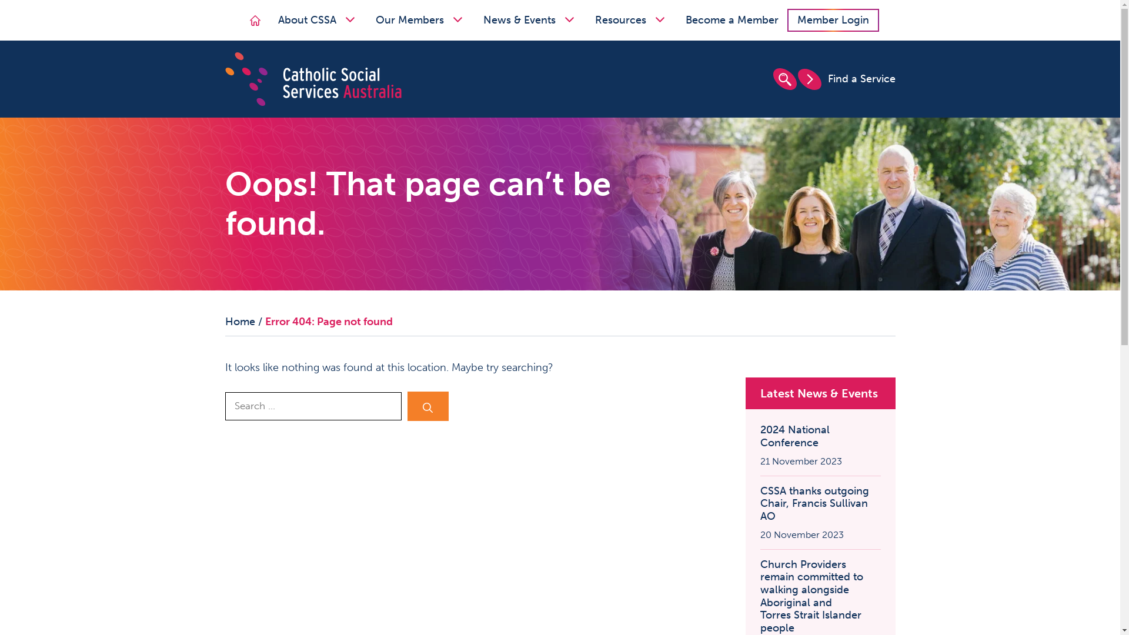 This screenshot has width=1129, height=635. What do you see at coordinates (254, 20) in the screenshot?
I see `'Home'` at bounding box center [254, 20].